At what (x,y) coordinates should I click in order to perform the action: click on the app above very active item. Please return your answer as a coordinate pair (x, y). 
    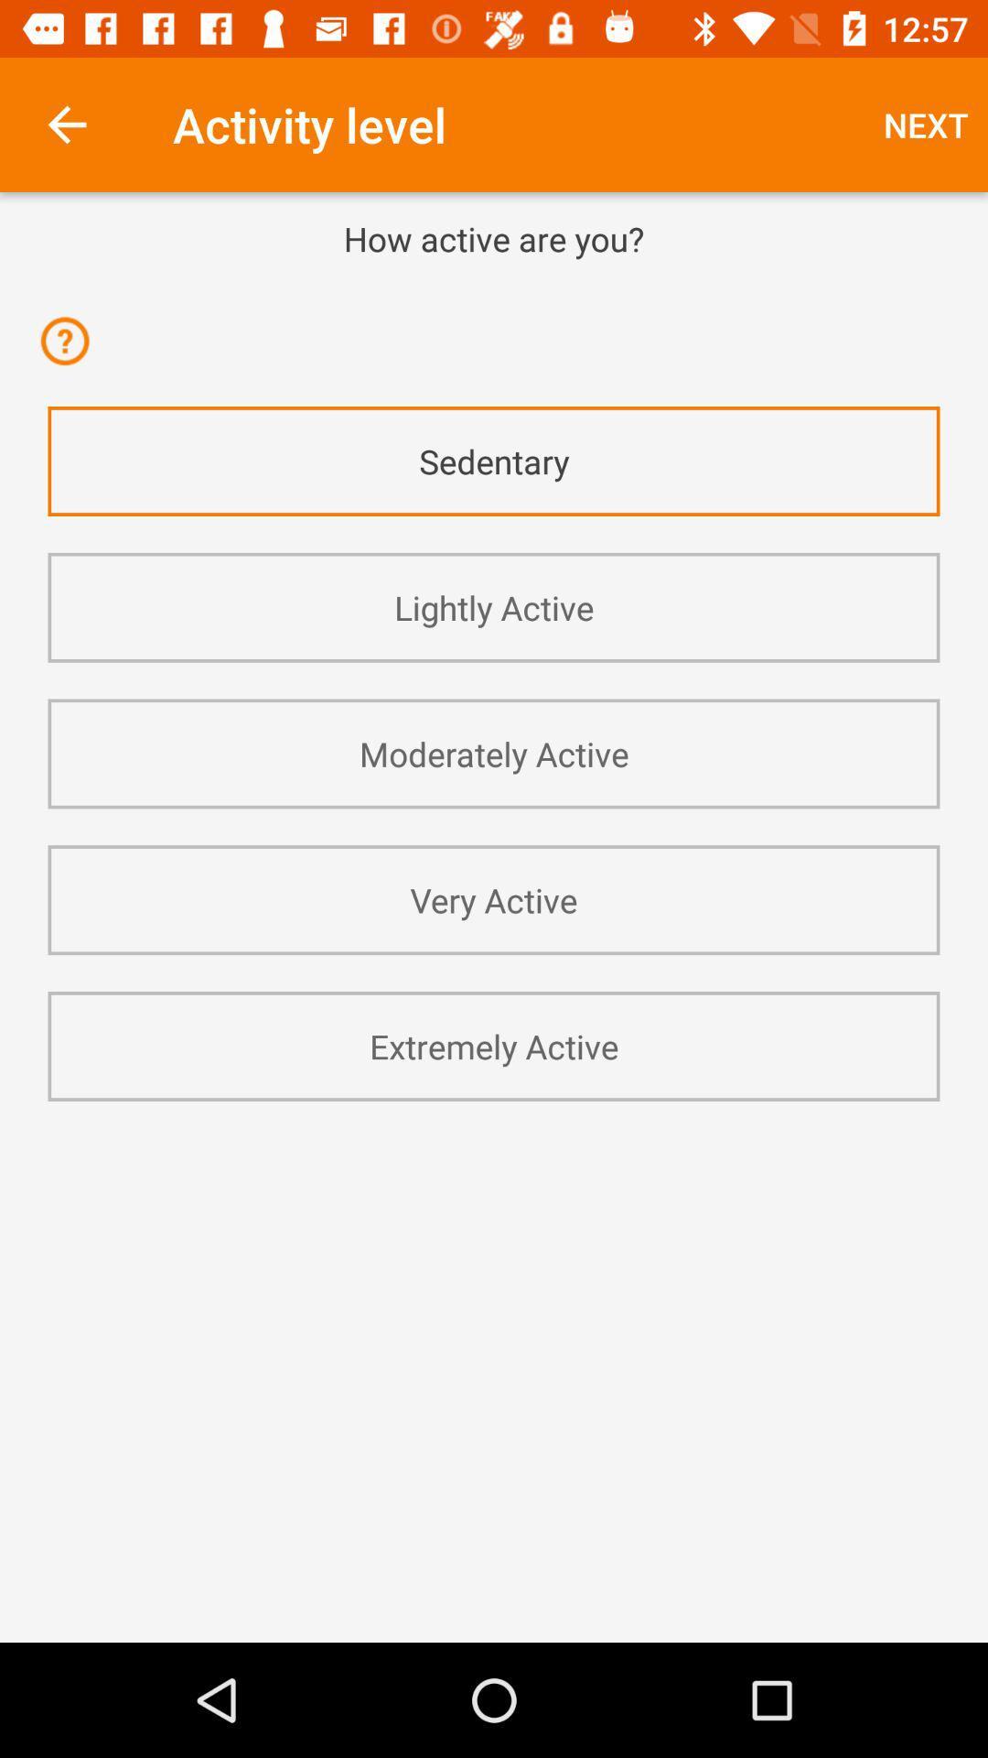
    Looking at the image, I should click on (494, 754).